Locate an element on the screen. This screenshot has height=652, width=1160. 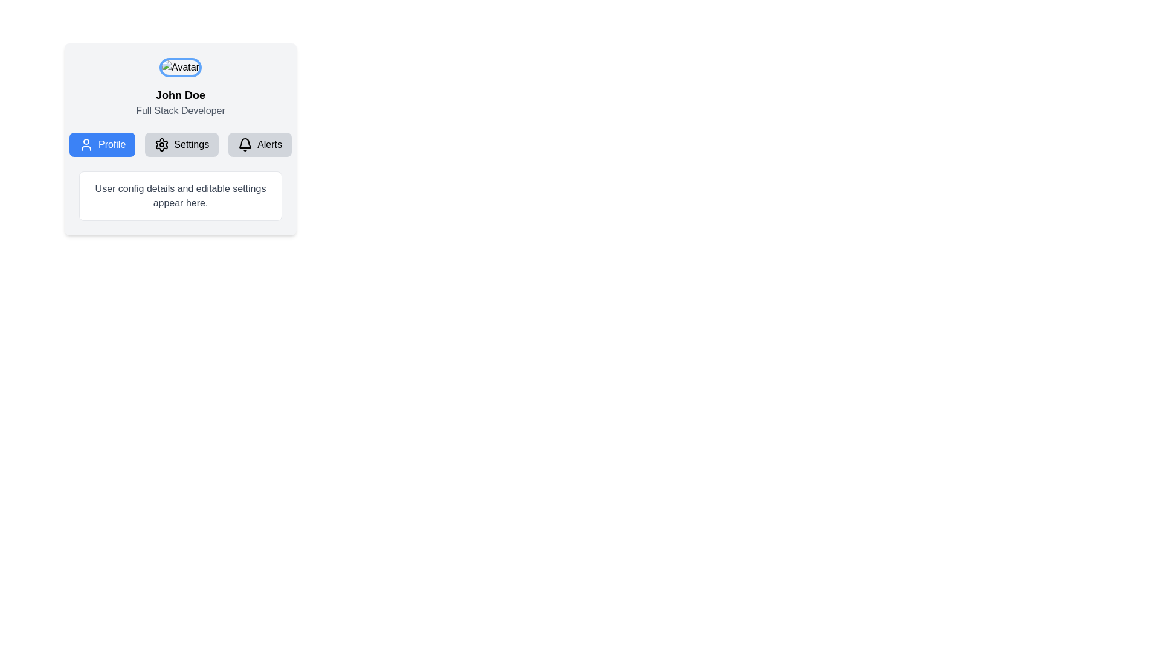
the third button in a horizontal sequence of three buttons is located at coordinates (259, 144).